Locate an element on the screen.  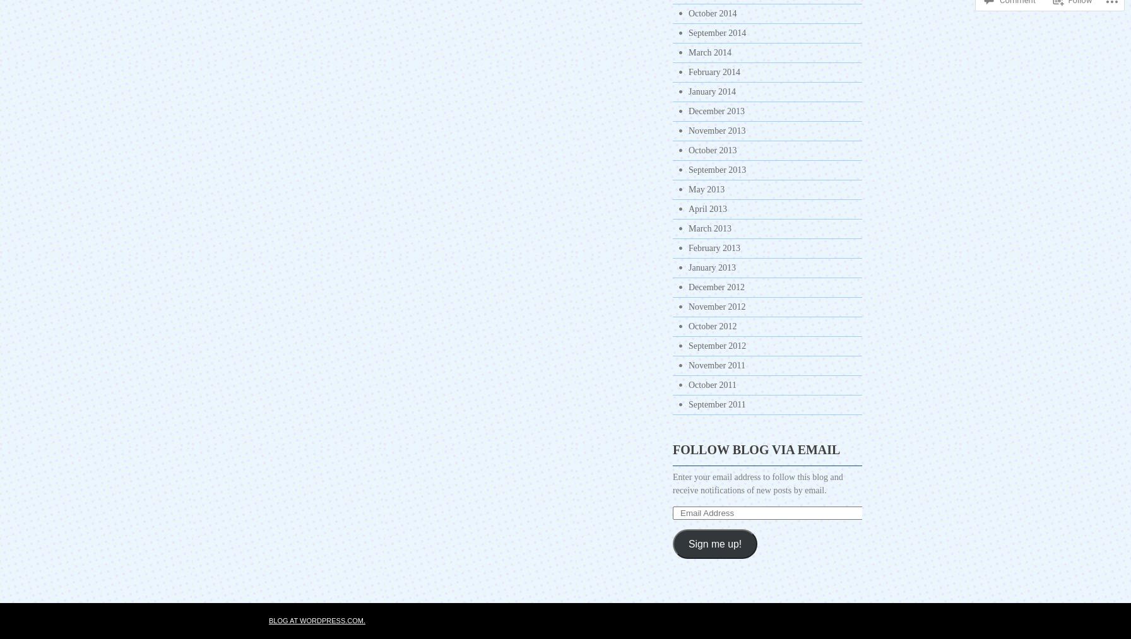
'March 2013' is located at coordinates (710, 228).